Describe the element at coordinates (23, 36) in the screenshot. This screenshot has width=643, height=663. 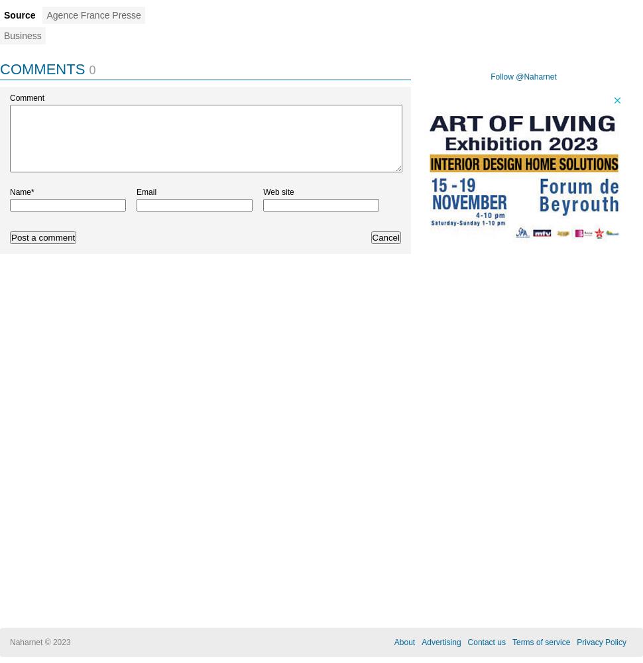
I see `'Business'` at that location.